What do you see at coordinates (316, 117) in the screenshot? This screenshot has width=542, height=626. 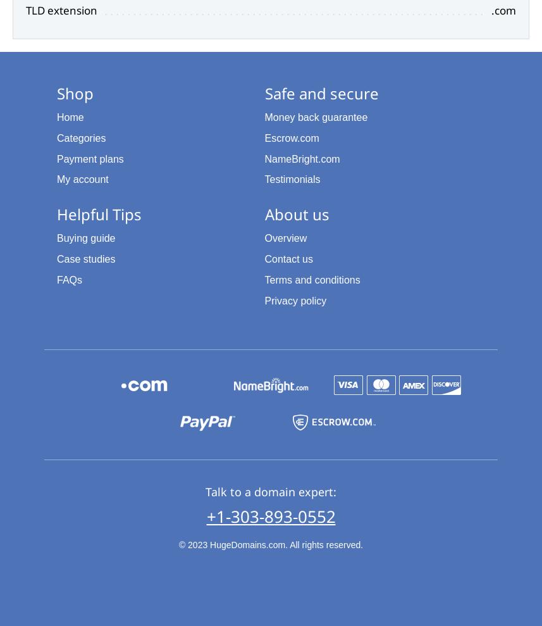 I see `'Money back guarantee'` at bounding box center [316, 117].